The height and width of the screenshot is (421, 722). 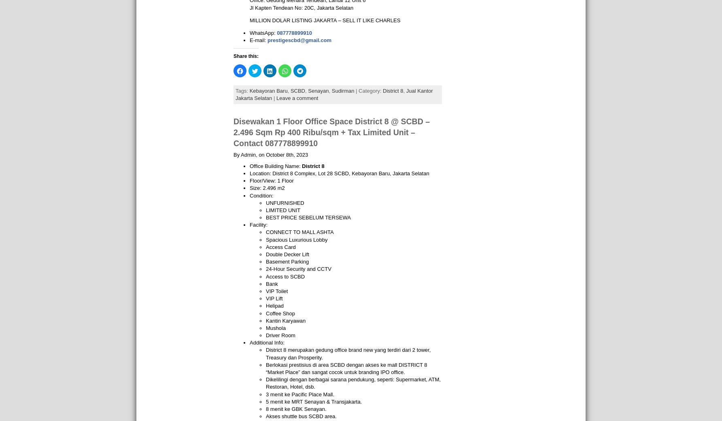 I want to click on '8 menit ke GBK Senayan.', so click(x=296, y=408).